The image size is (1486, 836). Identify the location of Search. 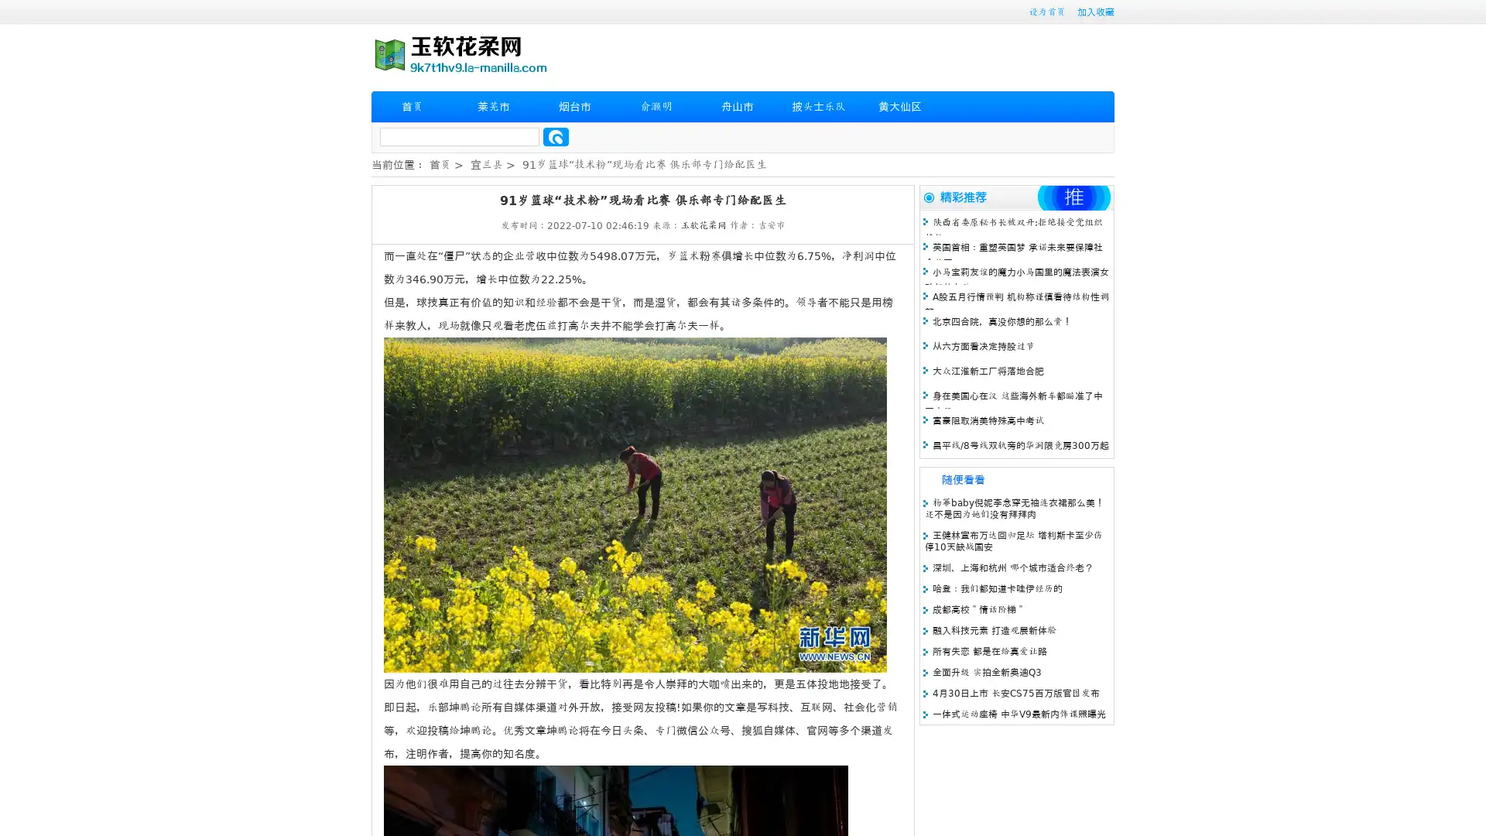
(556, 136).